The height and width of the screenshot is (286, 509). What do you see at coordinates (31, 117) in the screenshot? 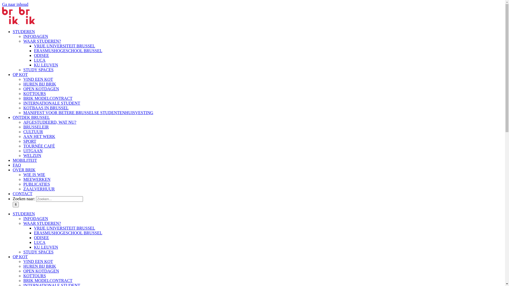
I see `'ONTDEK BRUSSEL'` at bounding box center [31, 117].